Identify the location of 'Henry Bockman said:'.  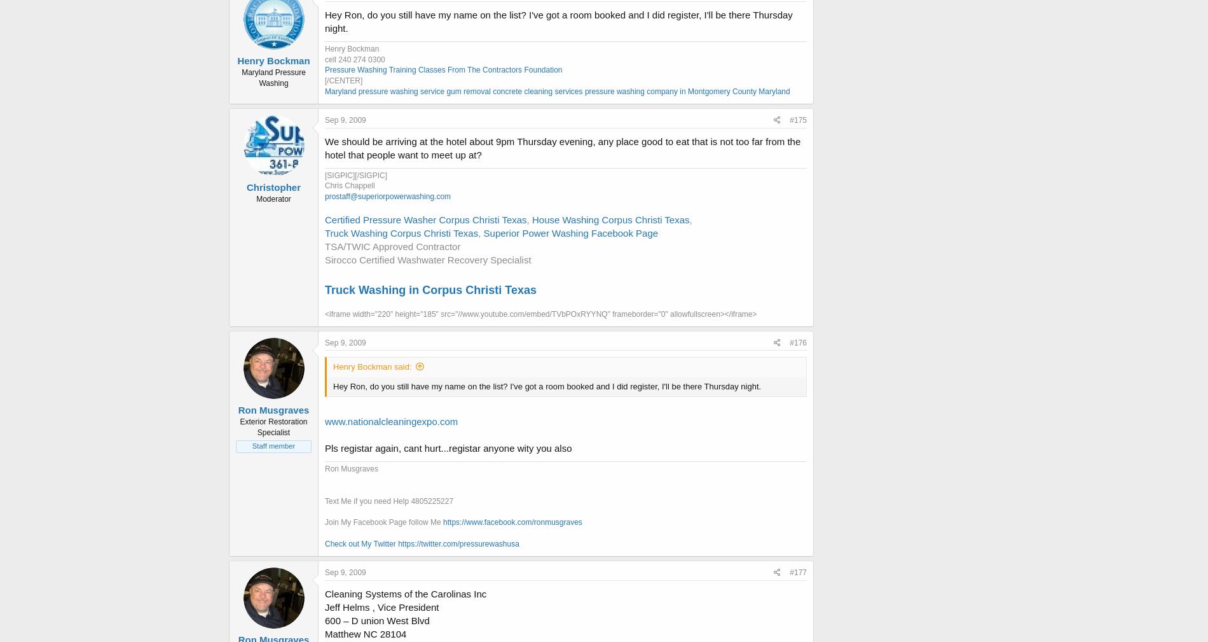
(372, 366).